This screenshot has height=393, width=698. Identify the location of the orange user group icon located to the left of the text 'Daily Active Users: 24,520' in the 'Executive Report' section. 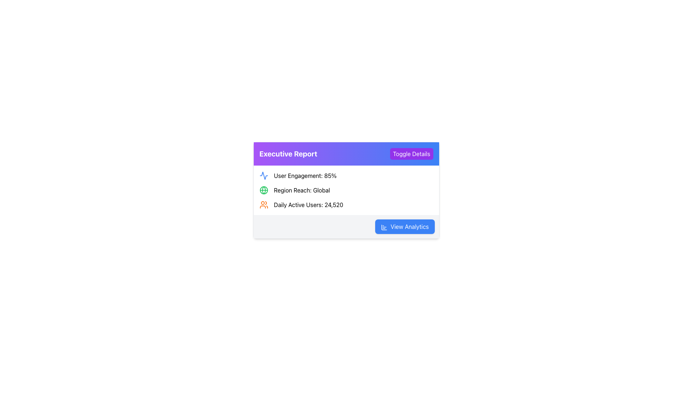
(263, 205).